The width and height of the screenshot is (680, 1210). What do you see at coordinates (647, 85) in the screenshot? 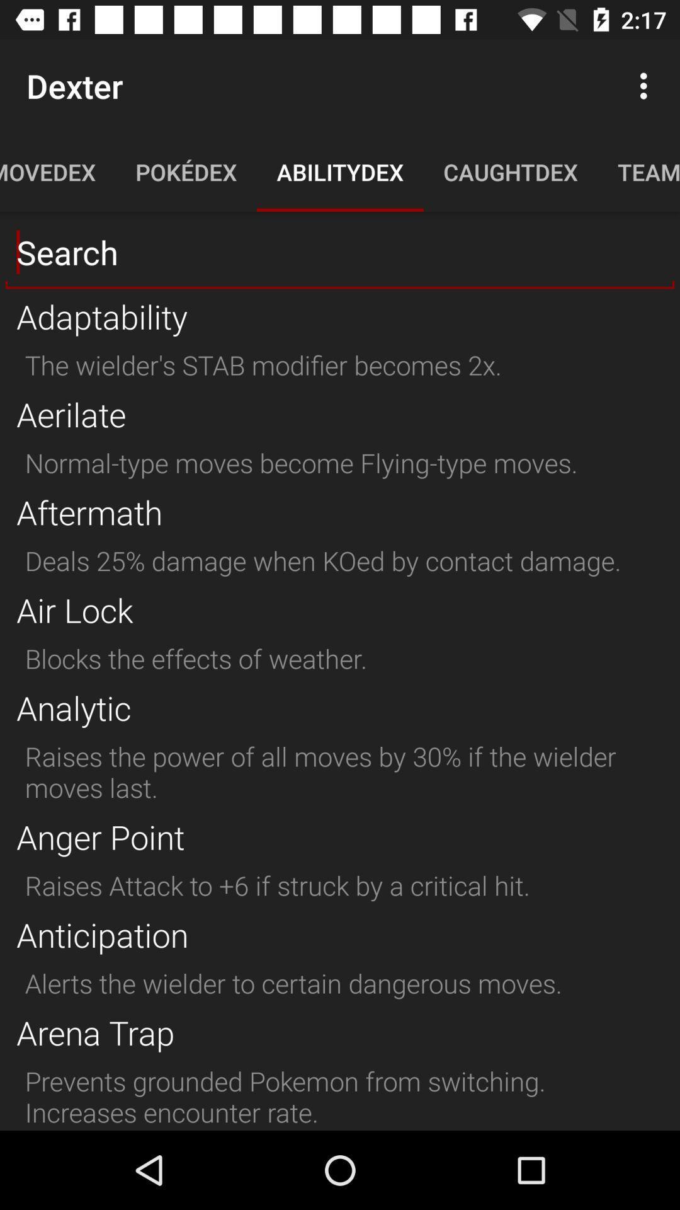
I see `the app next to dexter icon` at bounding box center [647, 85].